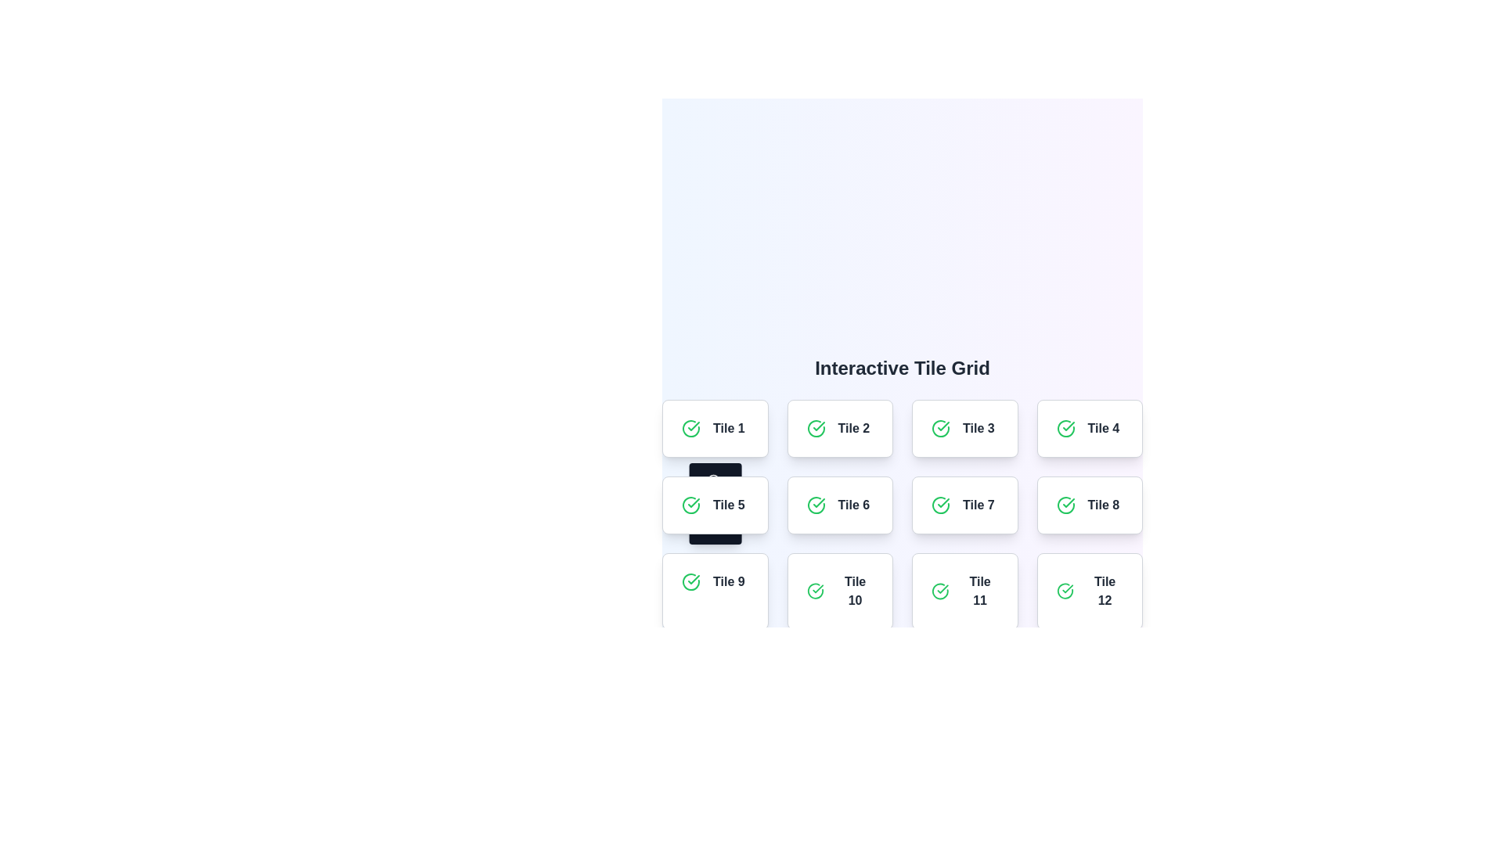  What do you see at coordinates (714, 505) in the screenshot?
I see `the fifth selectable tile in the grid layout` at bounding box center [714, 505].